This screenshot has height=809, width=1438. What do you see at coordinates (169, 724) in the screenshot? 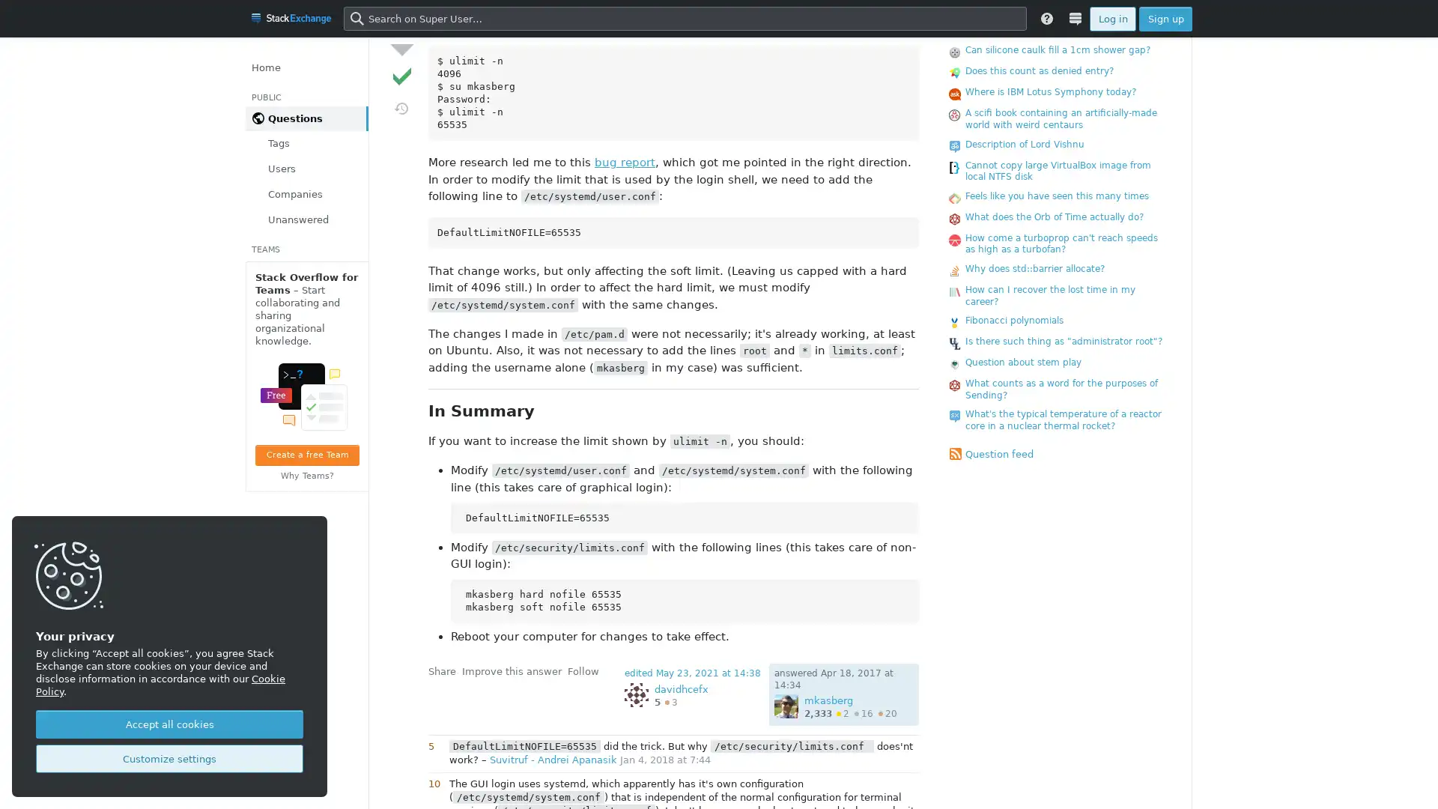
I see `Accept all cookies` at bounding box center [169, 724].